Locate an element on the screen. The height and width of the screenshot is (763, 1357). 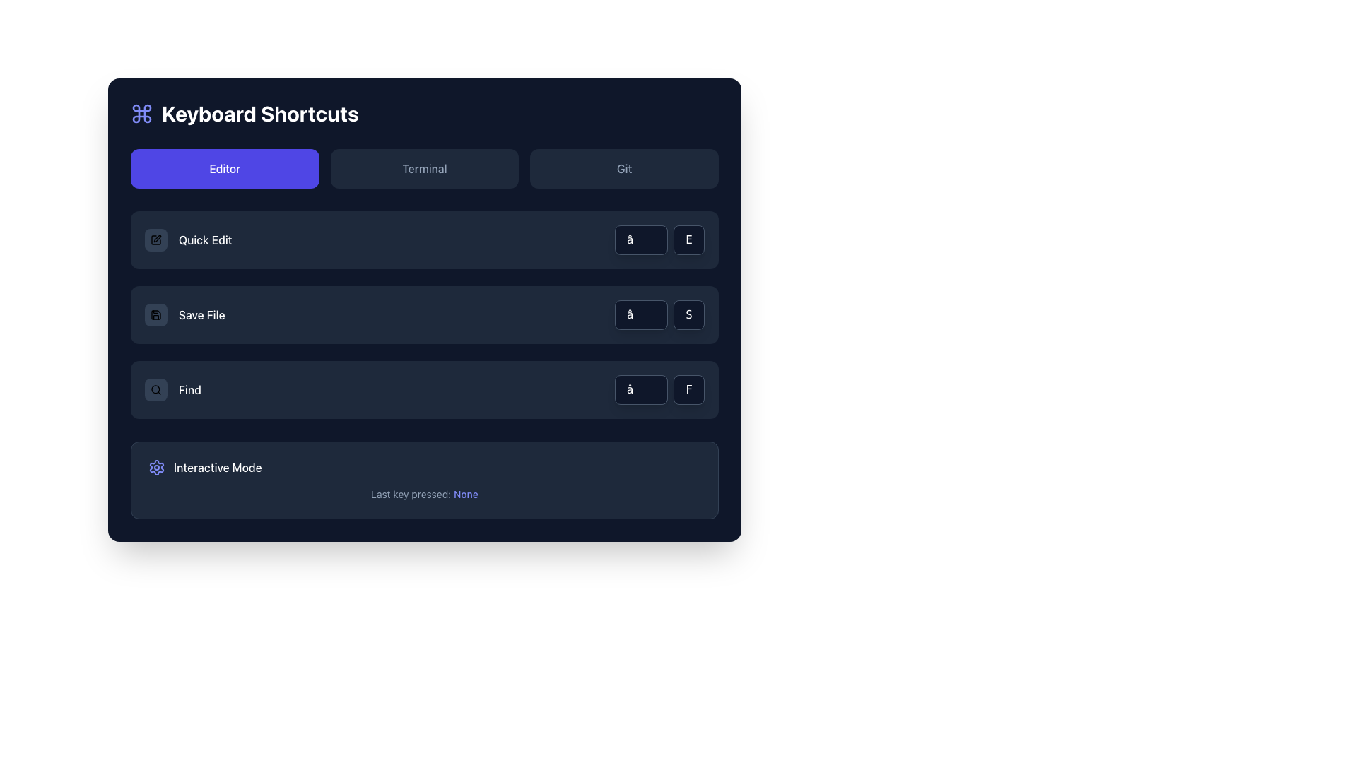
the editing icon located in the 'Quick Edit' section, which is positioned to the left of its label in the 'Keyboard Shortcuts' menu is located at coordinates (155, 239).